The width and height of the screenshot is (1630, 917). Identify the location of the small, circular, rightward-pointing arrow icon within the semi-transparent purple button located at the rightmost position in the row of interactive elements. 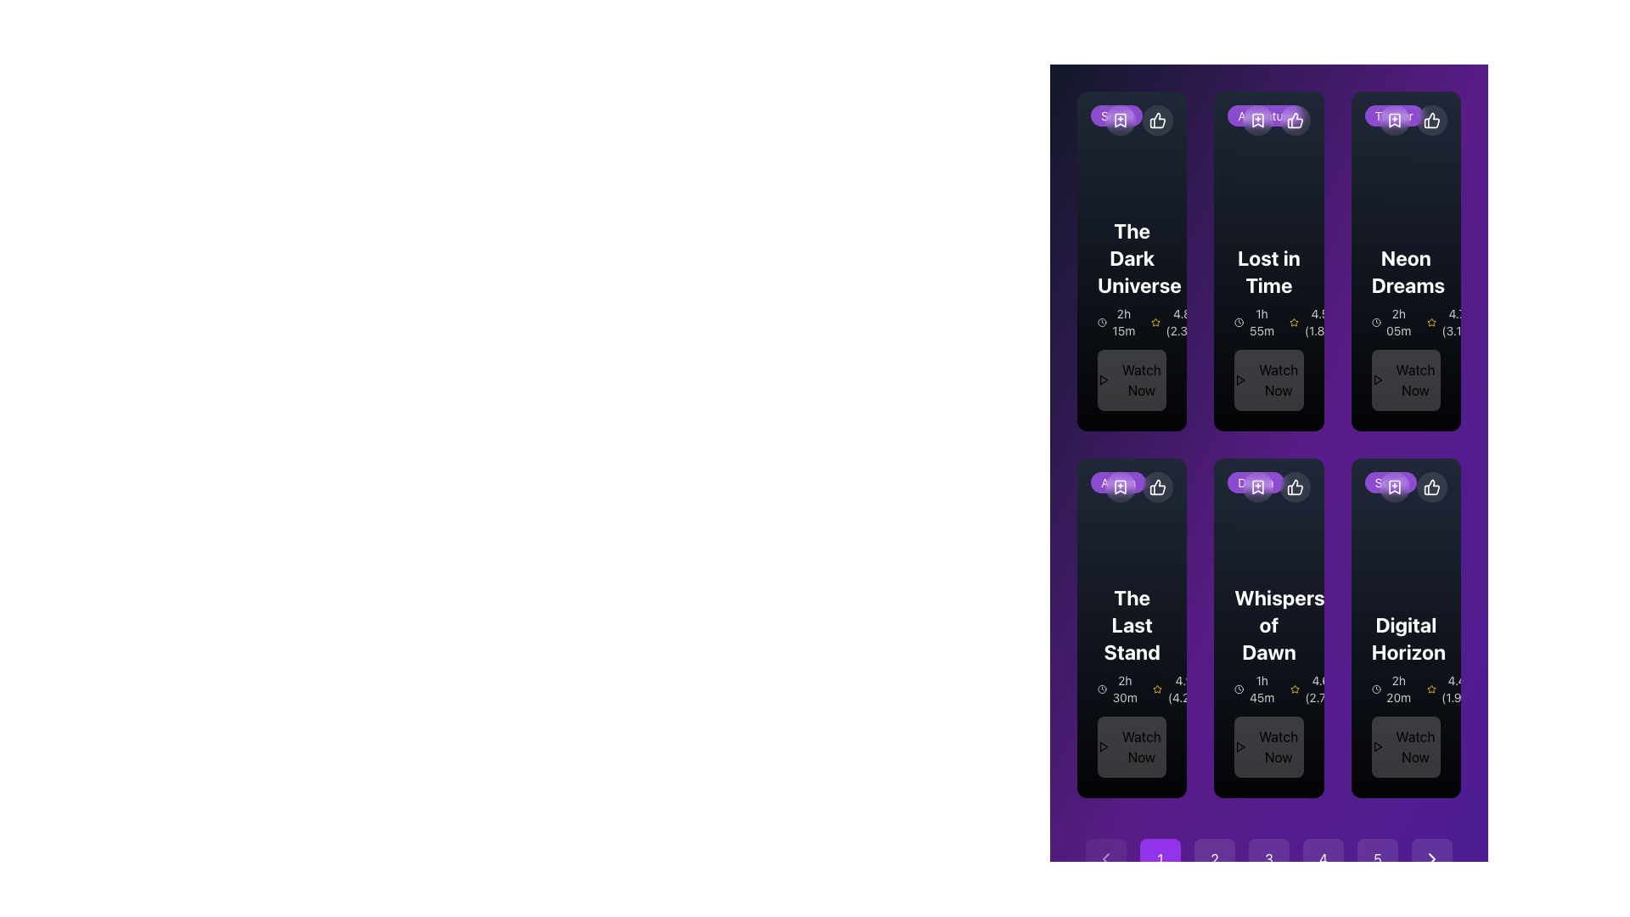
(1430, 858).